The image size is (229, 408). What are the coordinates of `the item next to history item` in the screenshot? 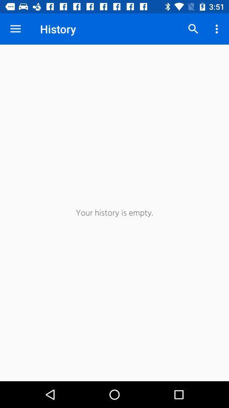 It's located at (15, 29).